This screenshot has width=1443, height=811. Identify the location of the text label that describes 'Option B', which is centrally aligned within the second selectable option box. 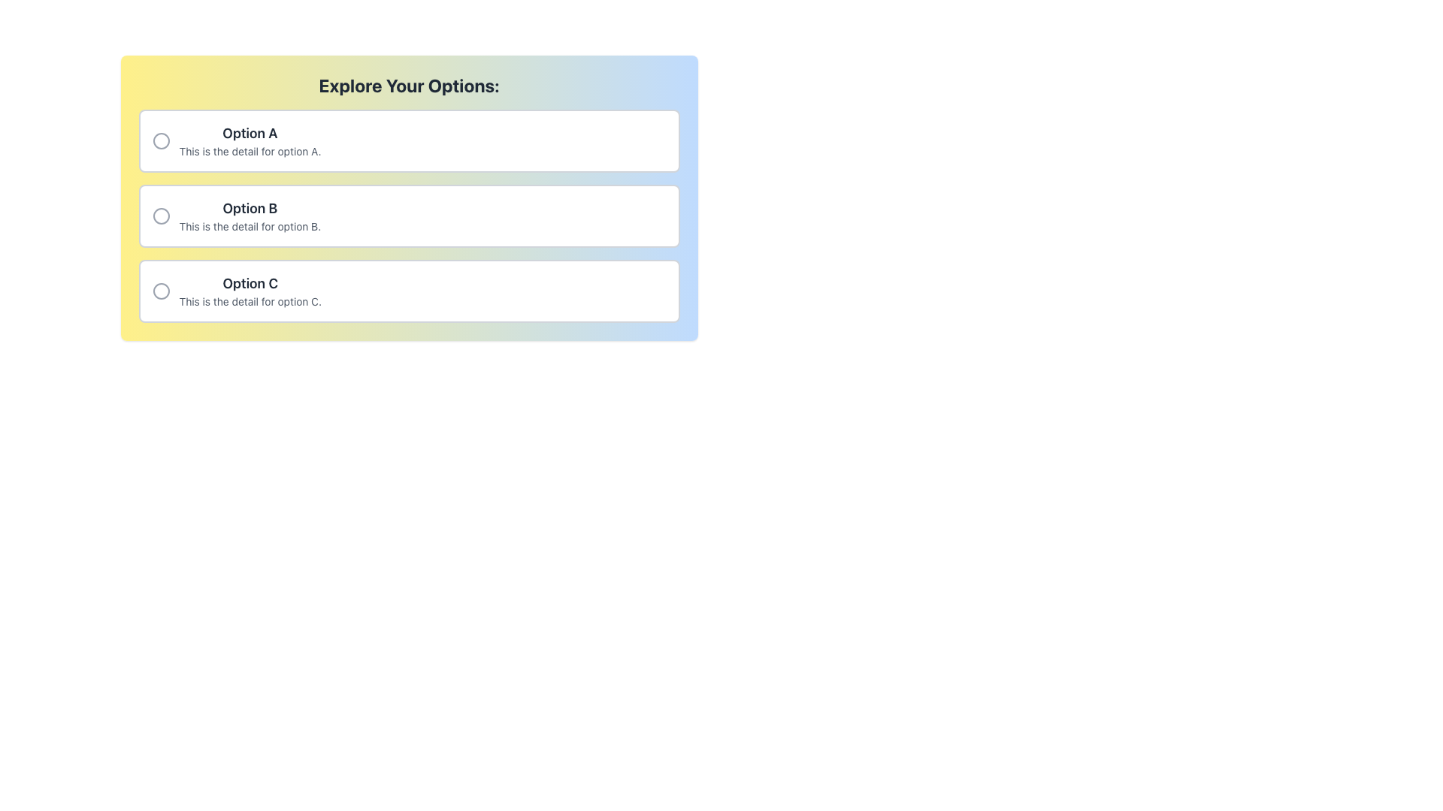
(250, 216).